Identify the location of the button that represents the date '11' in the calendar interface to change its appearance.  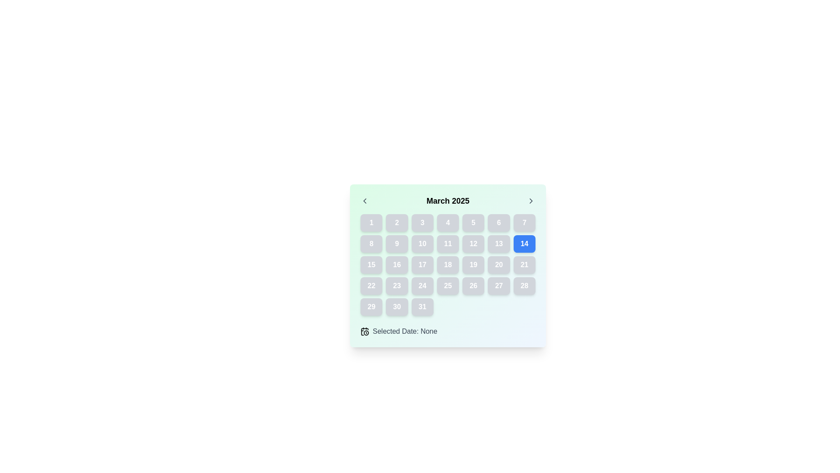
(448, 244).